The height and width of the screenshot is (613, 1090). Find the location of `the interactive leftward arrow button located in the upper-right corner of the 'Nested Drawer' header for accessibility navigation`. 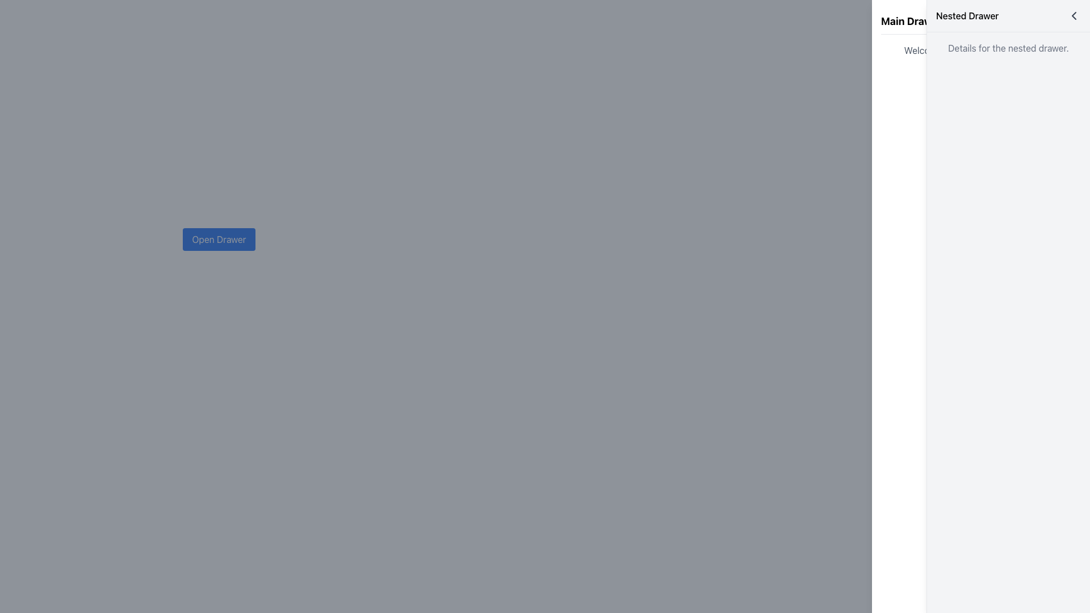

the interactive leftward arrow button located in the upper-right corner of the 'Nested Drawer' header for accessibility navigation is located at coordinates (1073, 15).